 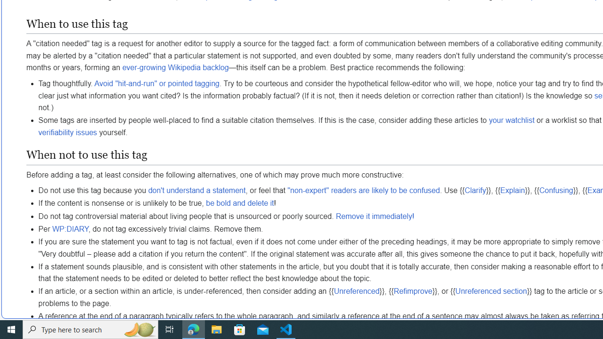 I want to click on 'don', so click(x=196, y=191).